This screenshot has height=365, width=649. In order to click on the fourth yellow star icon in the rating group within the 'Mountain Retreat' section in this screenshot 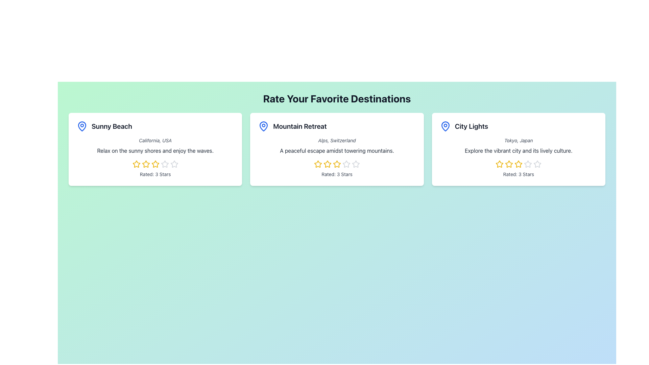, I will do `click(337, 164)`.